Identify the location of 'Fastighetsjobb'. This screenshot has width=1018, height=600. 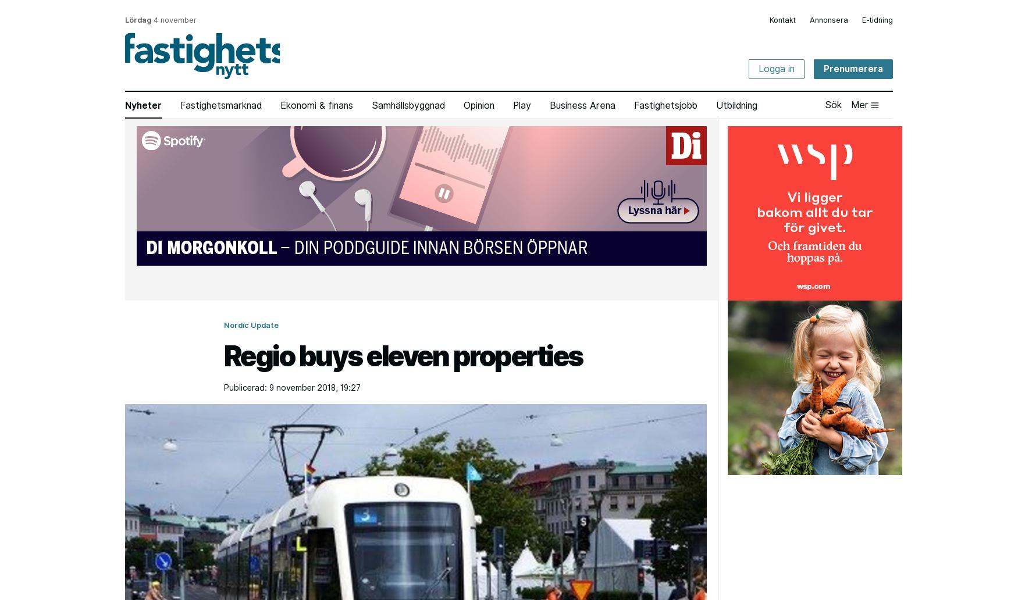
(634, 105).